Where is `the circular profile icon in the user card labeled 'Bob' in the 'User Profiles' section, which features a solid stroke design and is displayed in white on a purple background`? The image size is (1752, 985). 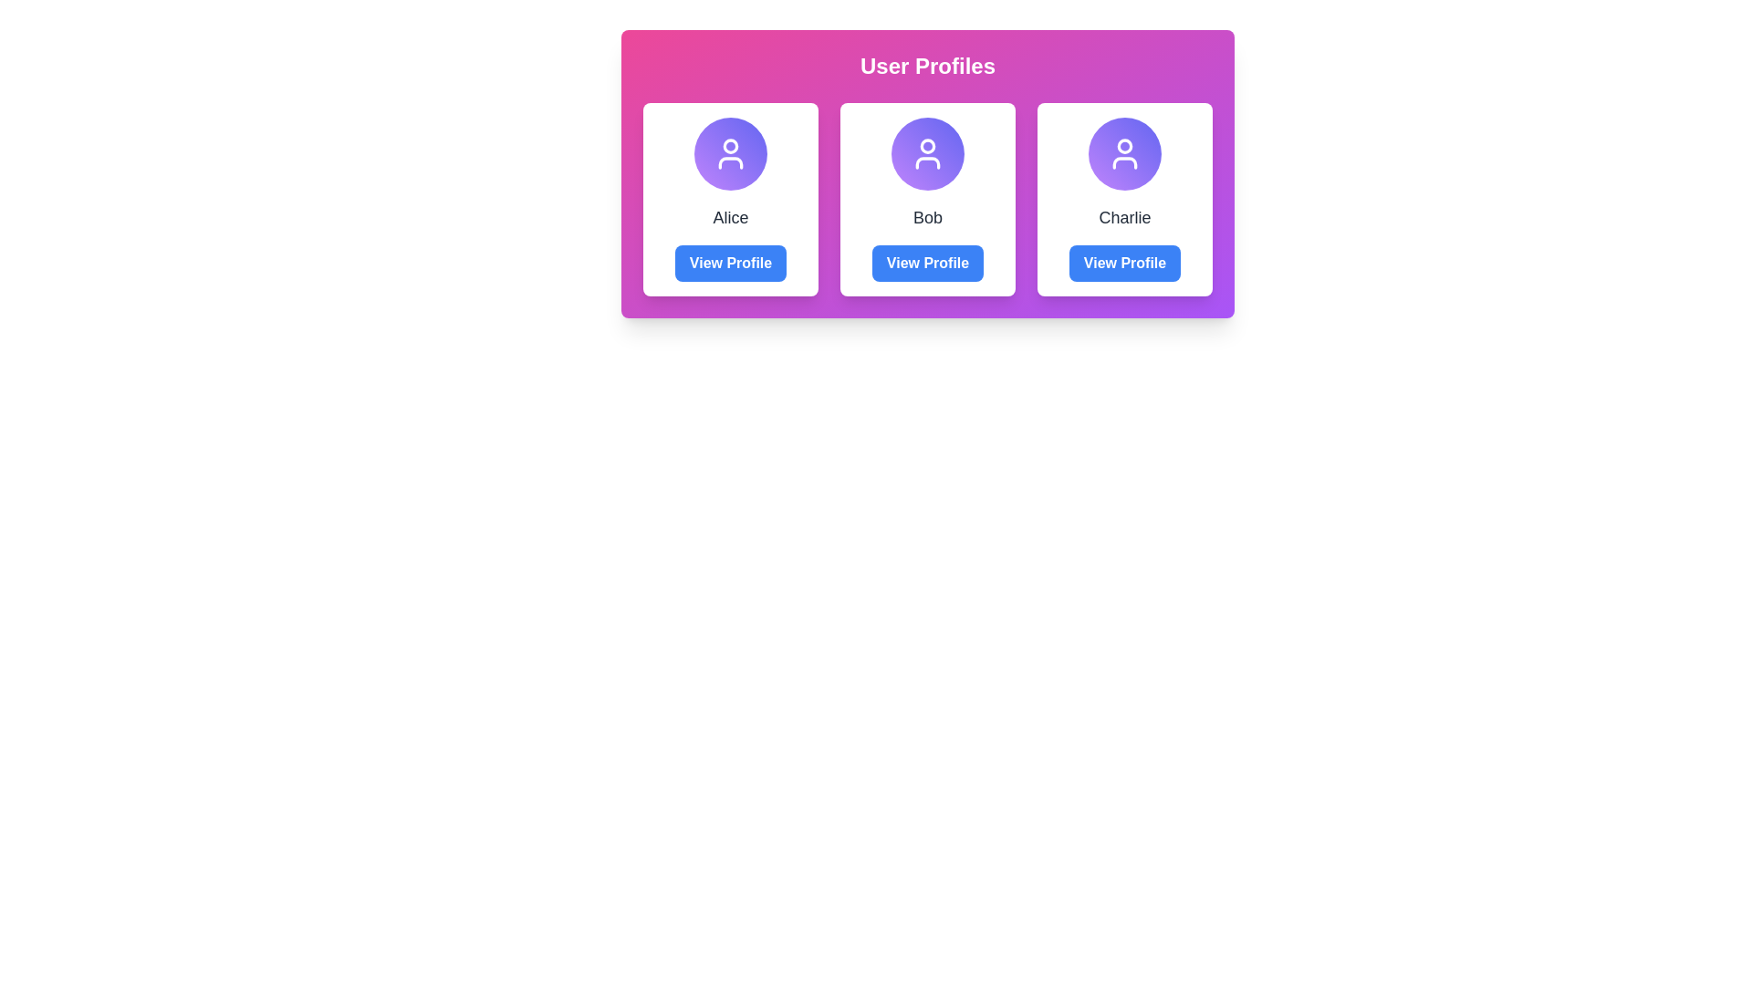
the circular profile icon in the user card labeled 'Bob' in the 'User Profiles' section, which features a solid stroke design and is displayed in white on a purple background is located at coordinates (928, 144).